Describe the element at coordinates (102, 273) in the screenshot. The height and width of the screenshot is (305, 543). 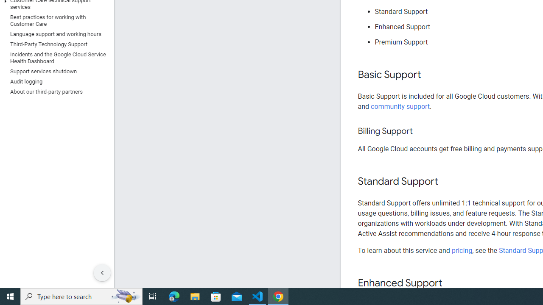
I see `'Hide side navigation'` at that location.